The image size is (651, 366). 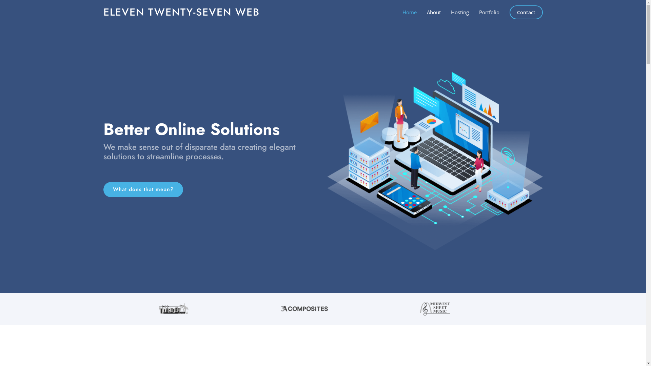 I want to click on 'Home', so click(x=404, y=12).